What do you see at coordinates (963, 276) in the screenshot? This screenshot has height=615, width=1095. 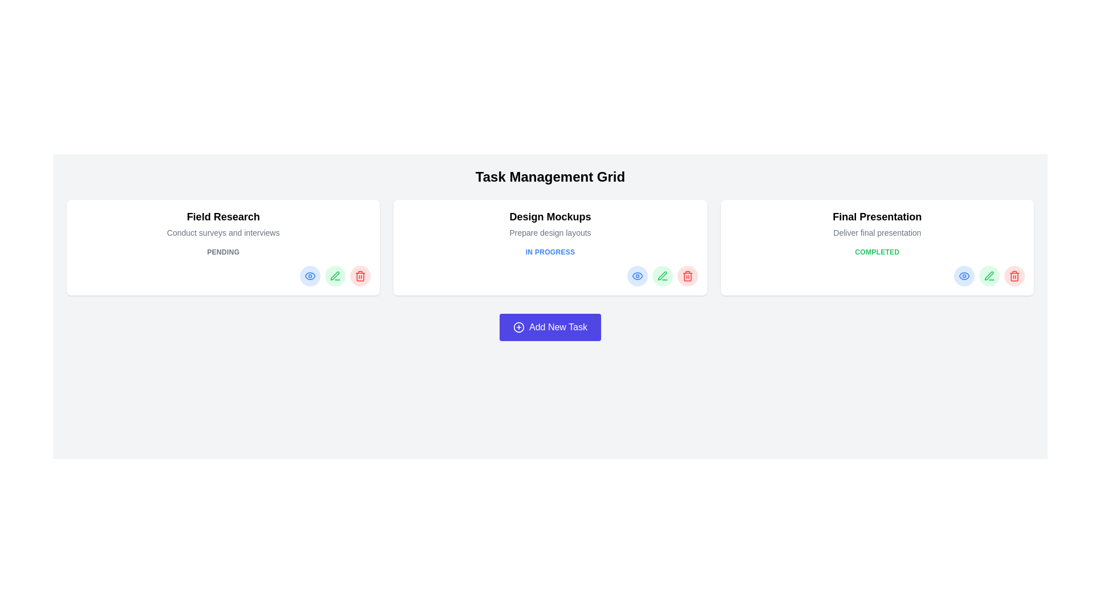 I see `the 'view' icon button for the 'Final Presentation' task` at bounding box center [963, 276].